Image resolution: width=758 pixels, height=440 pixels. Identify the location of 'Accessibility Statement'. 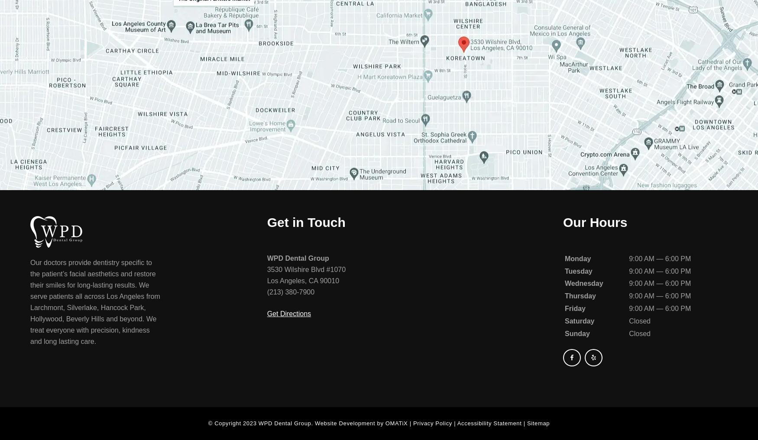
(489, 423).